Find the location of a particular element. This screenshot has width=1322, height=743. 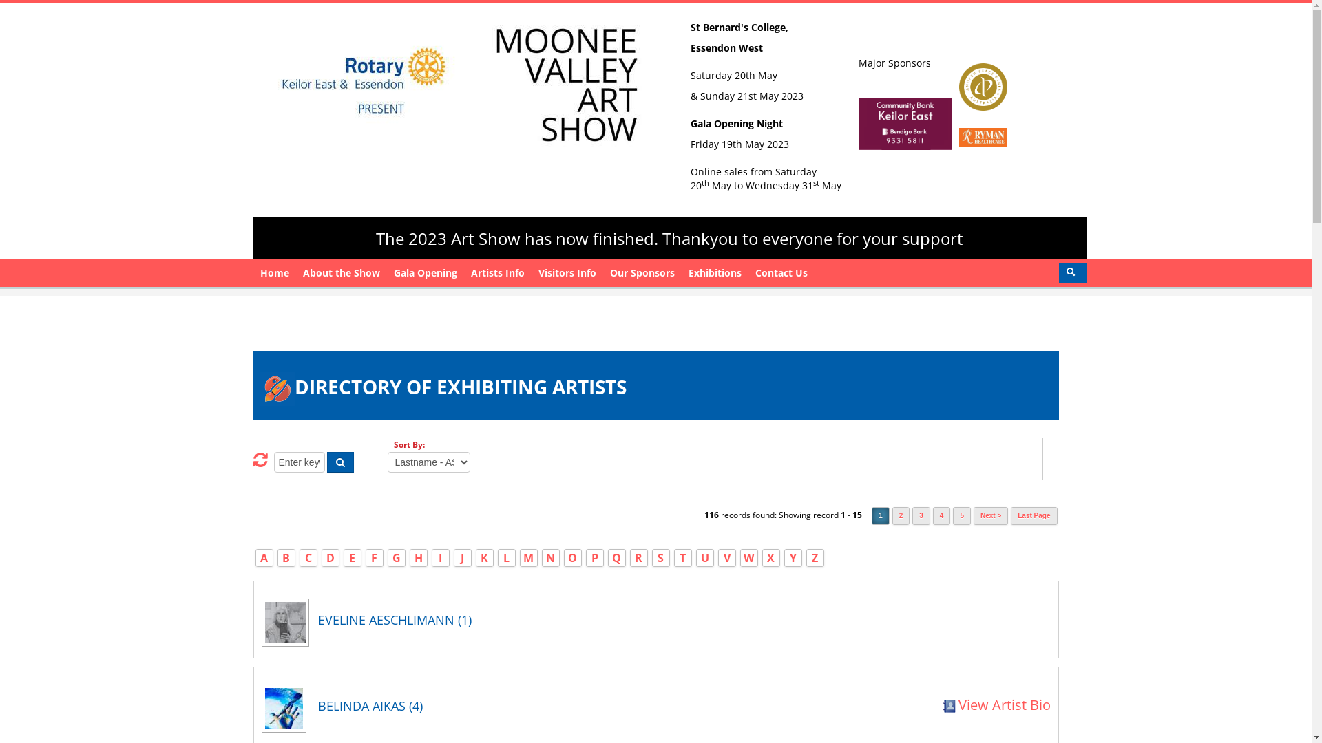

'Our Sponsors' is located at coordinates (602, 273).